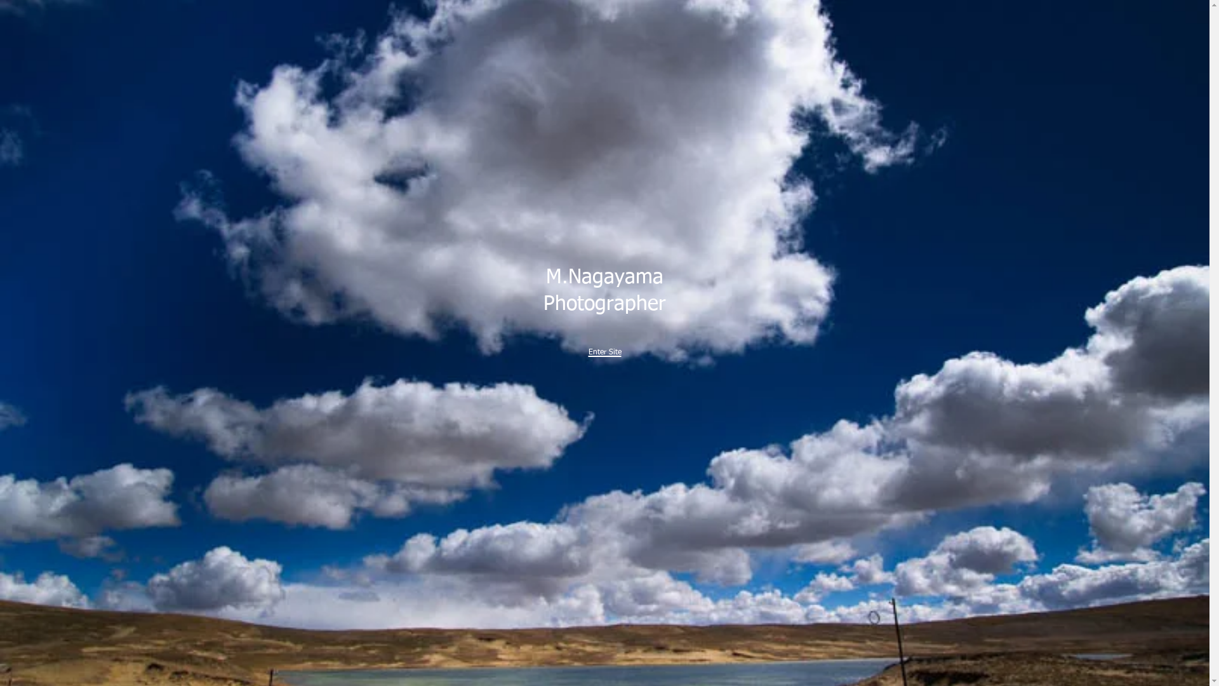 Image resolution: width=1219 pixels, height=686 pixels. I want to click on 'Enter Site', so click(603, 348).